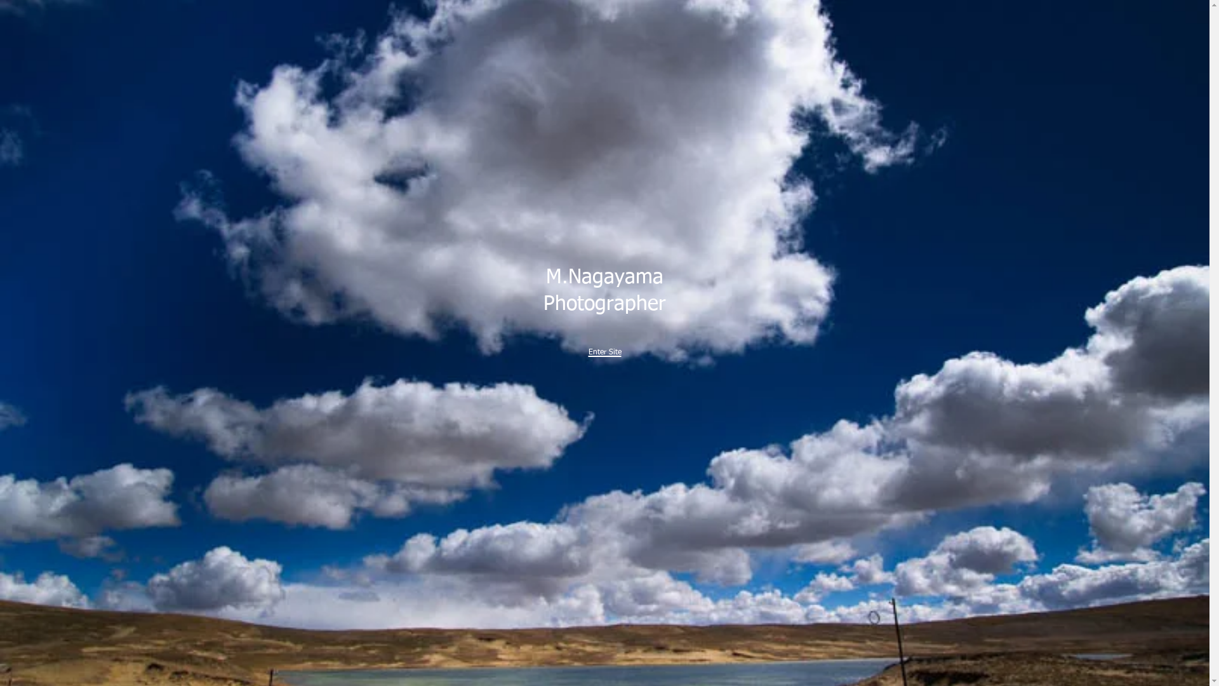 Image resolution: width=1219 pixels, height=686 pixels. I want to click on 'Enter Site', so click(603, 348).